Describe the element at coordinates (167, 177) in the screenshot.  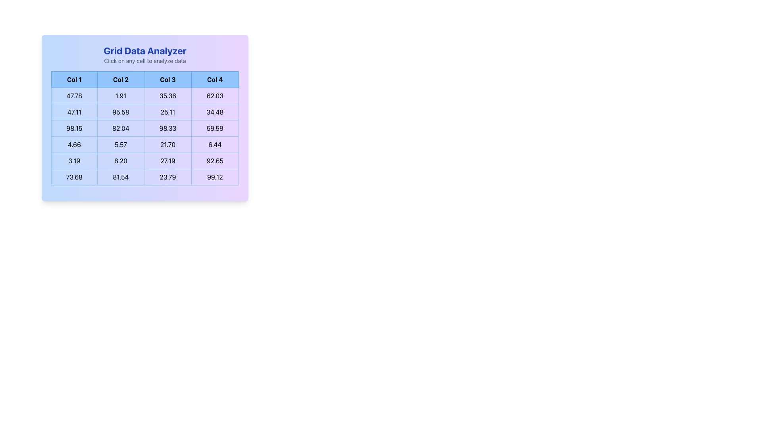
I see `to select the numeric data value displayed in the third column of the last row of the grid structure` at that location.